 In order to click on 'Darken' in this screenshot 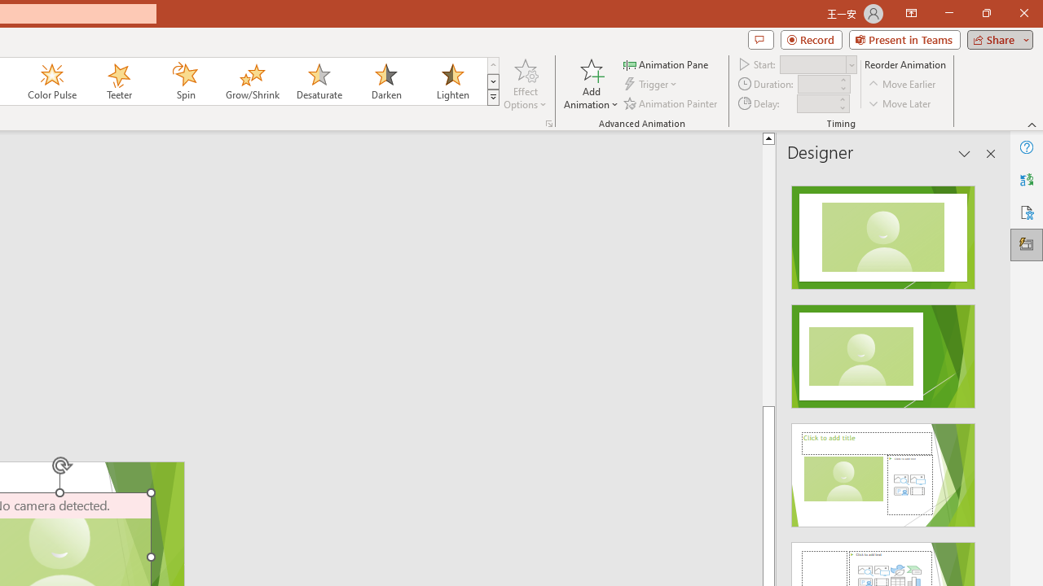, I will do `click(385, 81)`.